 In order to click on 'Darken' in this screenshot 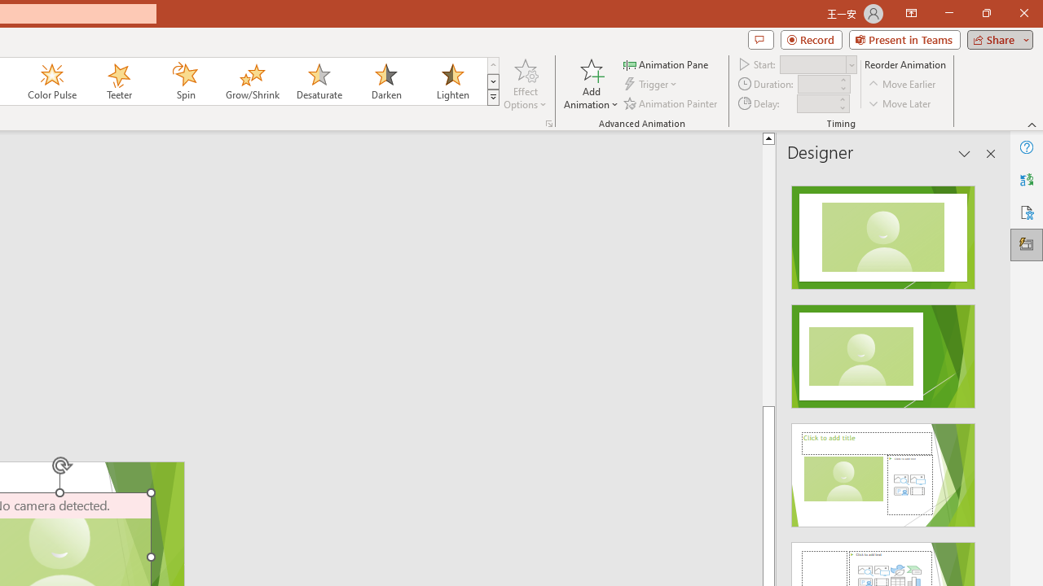, I will do `click(385, 81)`.